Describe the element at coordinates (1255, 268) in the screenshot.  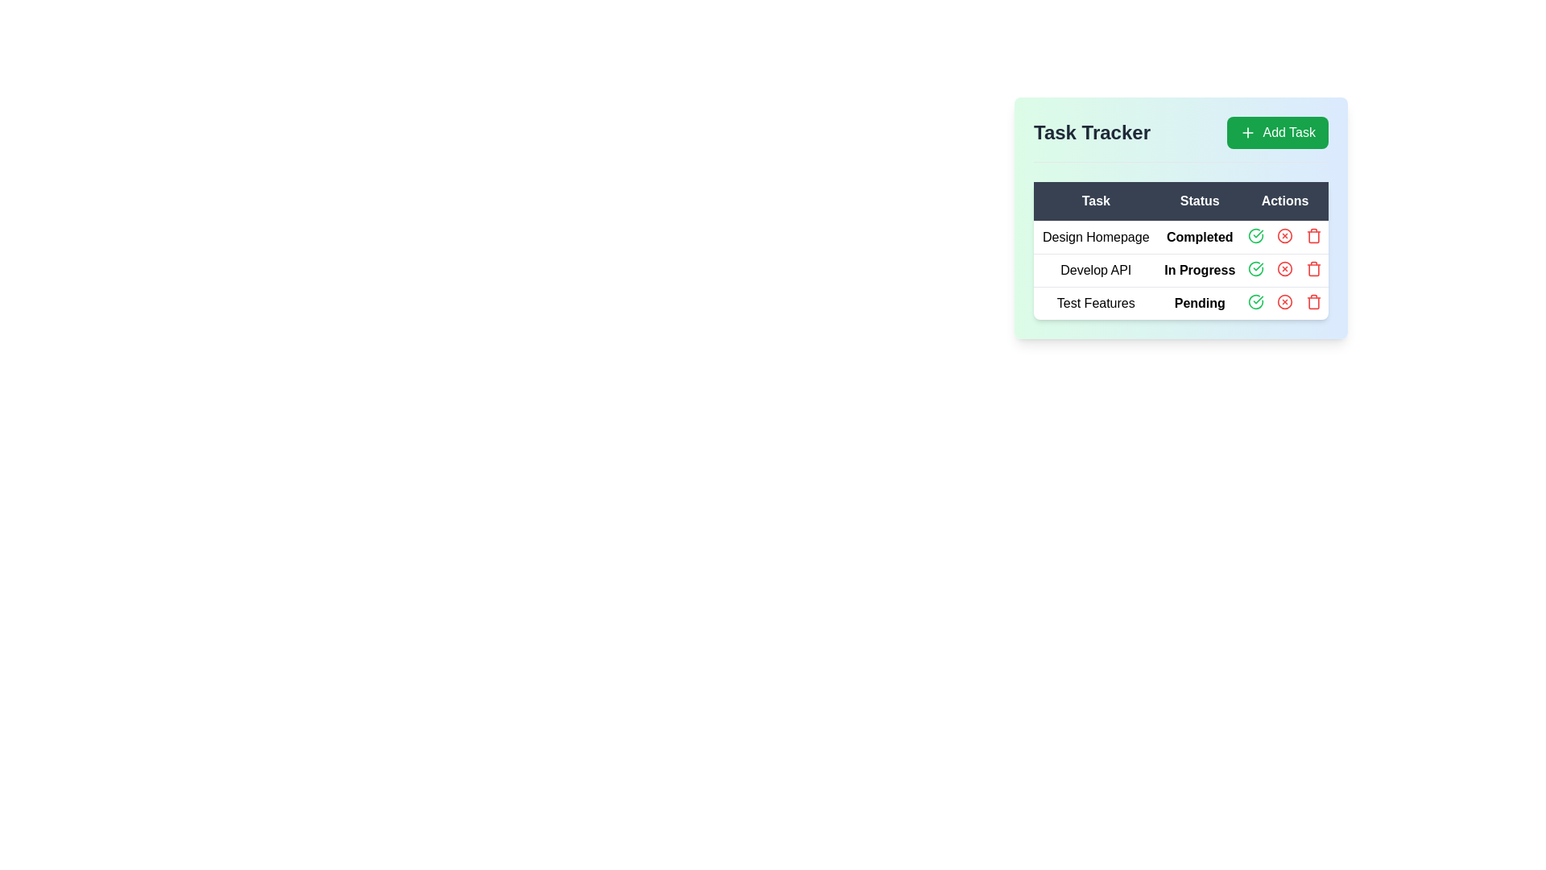
I see `the first icon in the Actions column of the 'Develop API' task to mark the task as completed` at that location.